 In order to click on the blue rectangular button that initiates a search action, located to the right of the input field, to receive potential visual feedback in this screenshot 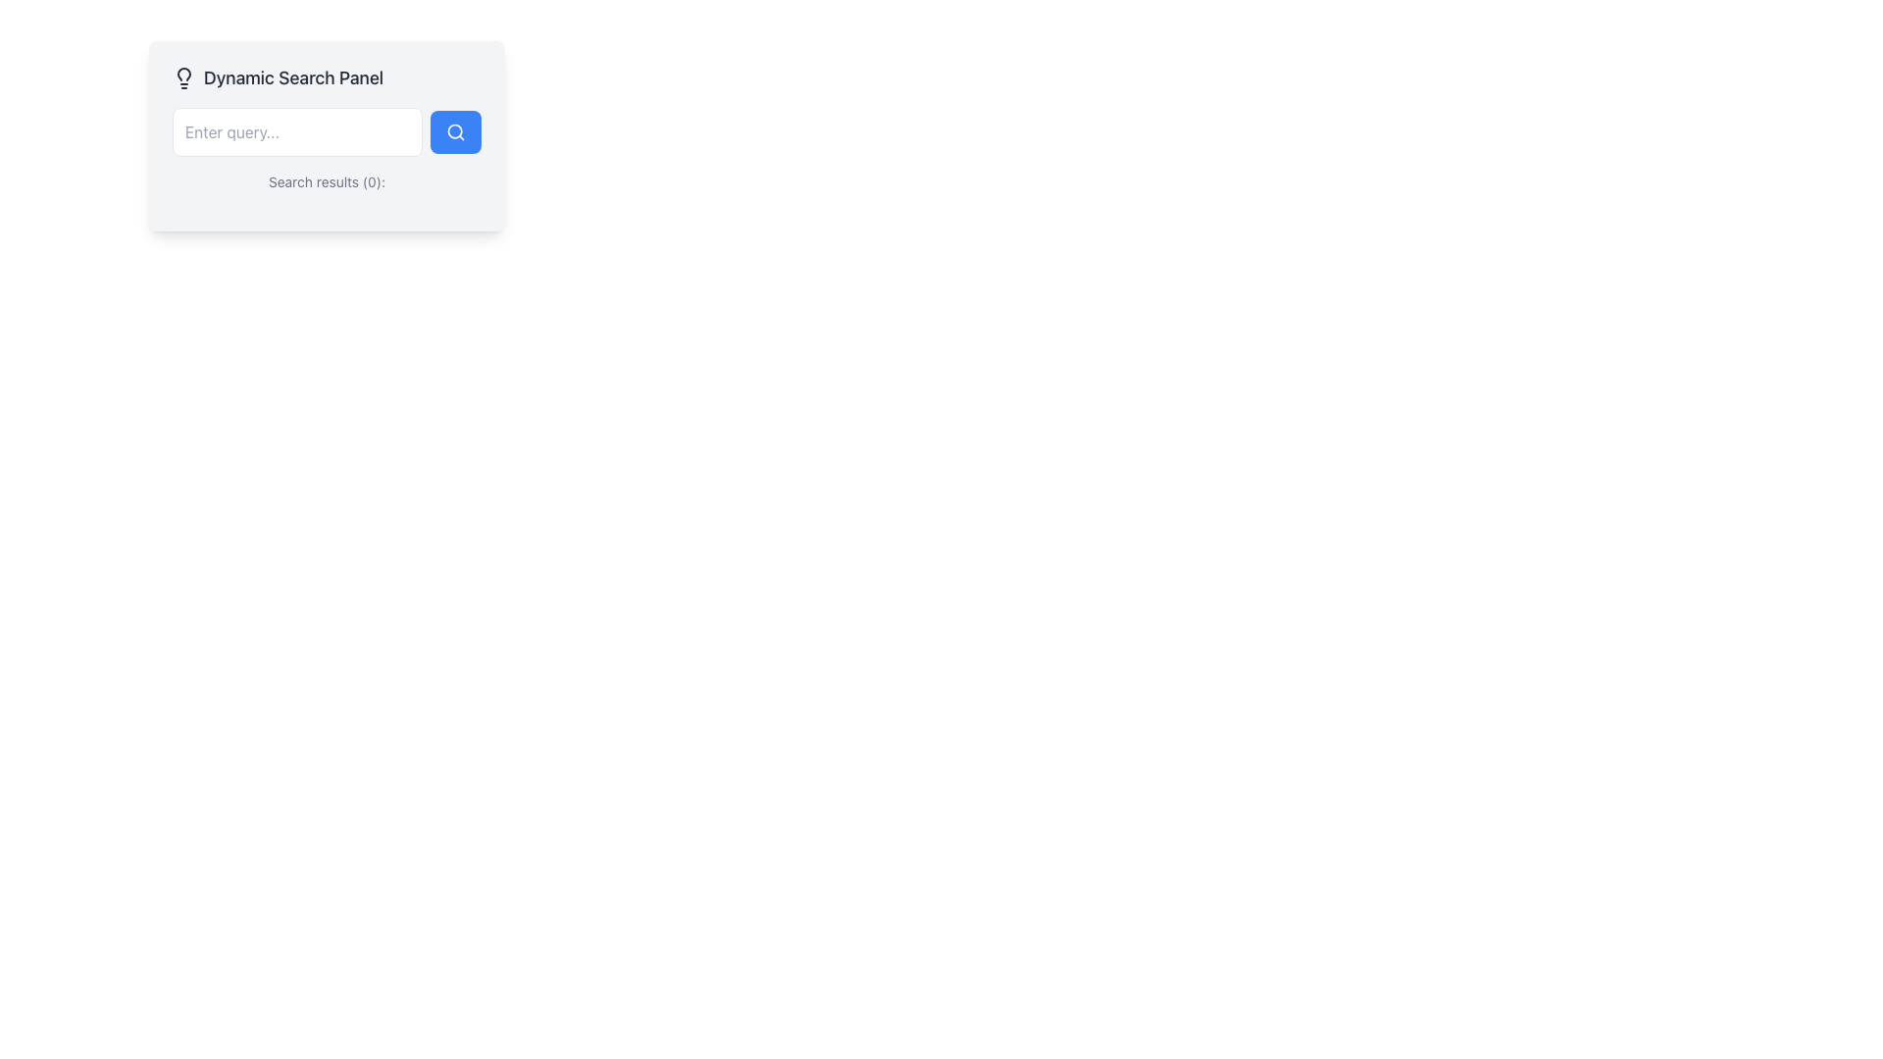, I will do `click(455, 132)`.